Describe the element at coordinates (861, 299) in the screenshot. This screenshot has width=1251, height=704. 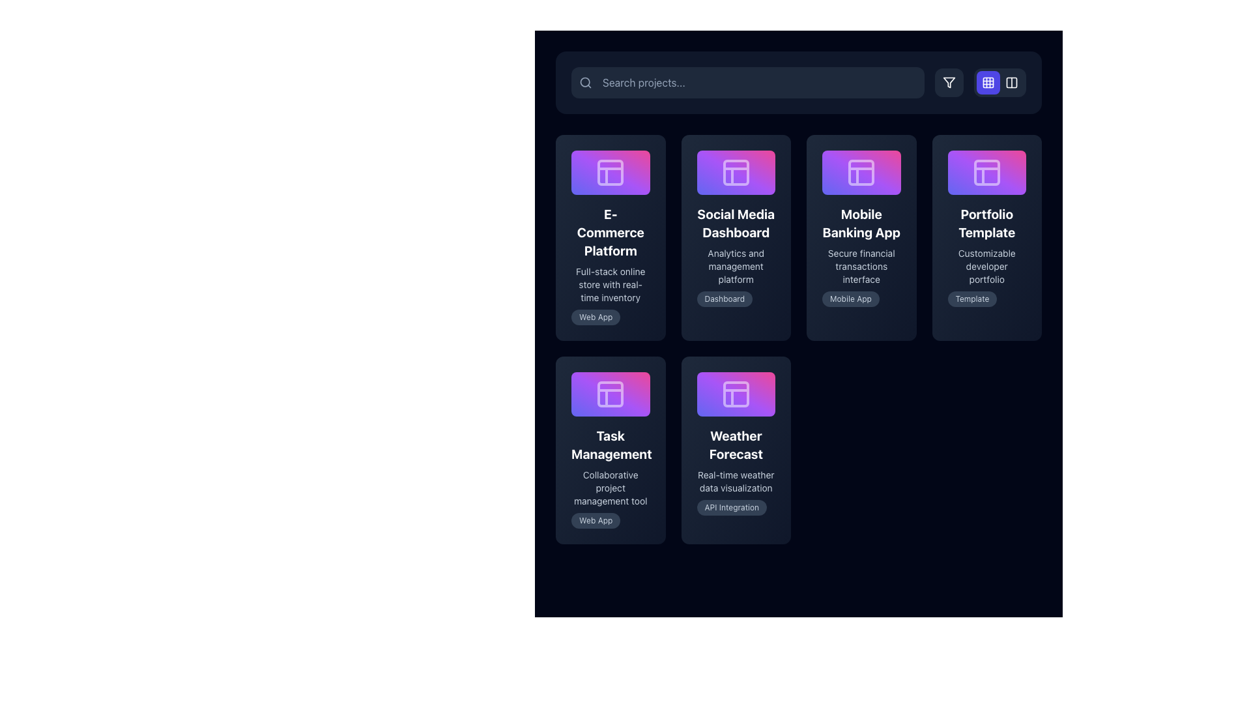
I see `the label with the text 'Mobile App', which is a small, rounded rectangle with a dark slate-colored background located below the 'Secure financial transactions interface' text in the 'Mobile Banking App' card` at that location.